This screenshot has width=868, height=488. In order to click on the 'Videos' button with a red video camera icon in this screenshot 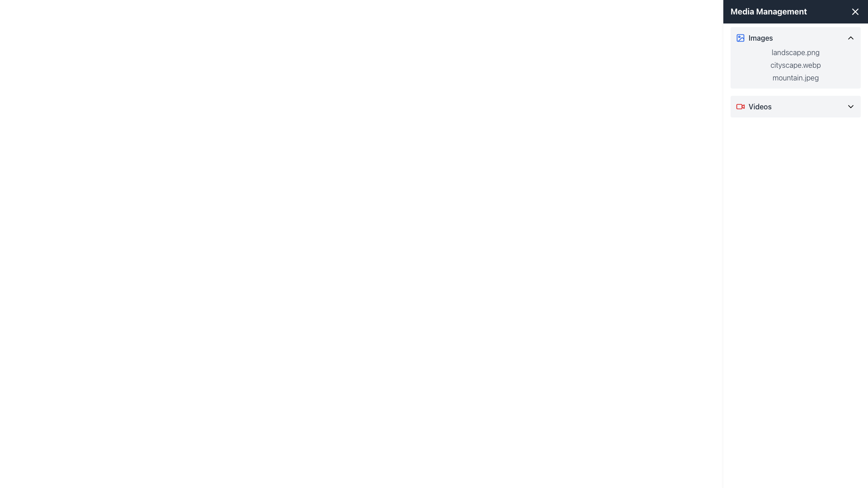, I will do `click(796, 106)`.